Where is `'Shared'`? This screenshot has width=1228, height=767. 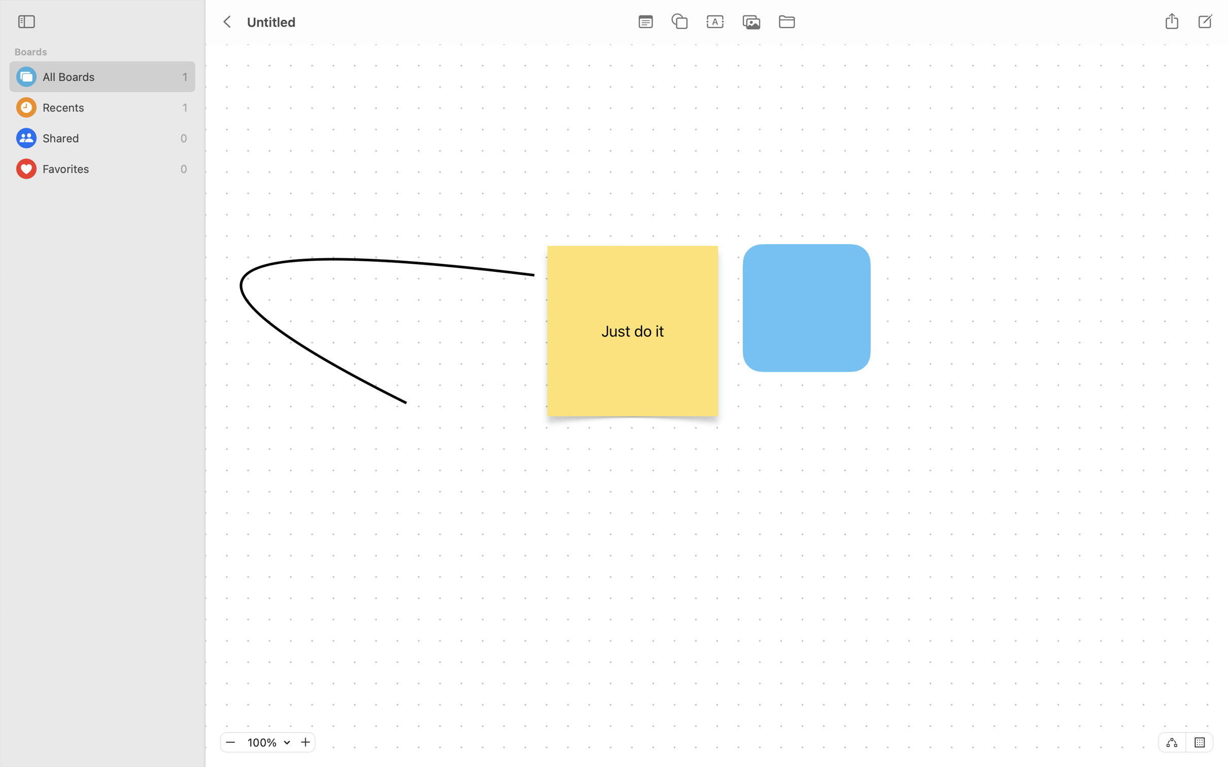
'Shared' is located at coordinates (109, 137).